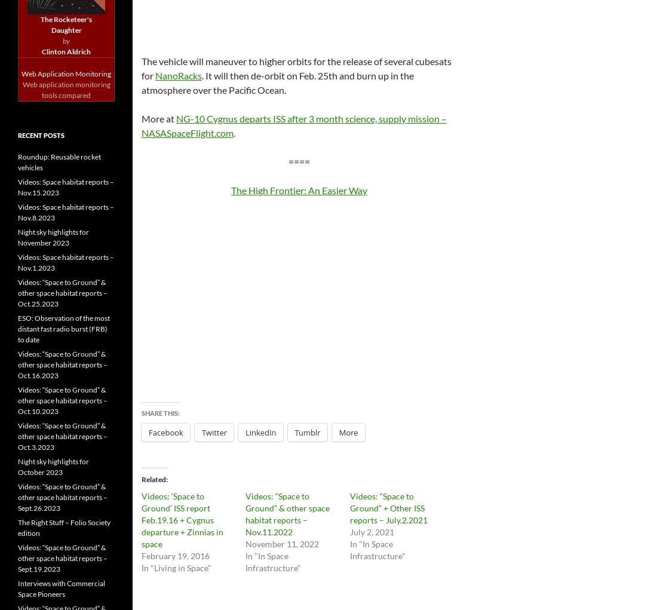 The image size is (657, 610). I want to click on 'The High Frontier: An Easier Way', so click(299, 189).